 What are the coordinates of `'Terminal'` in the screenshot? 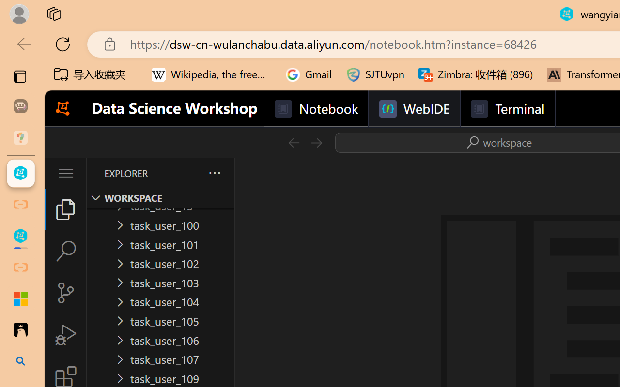 It's located at (507, 109).